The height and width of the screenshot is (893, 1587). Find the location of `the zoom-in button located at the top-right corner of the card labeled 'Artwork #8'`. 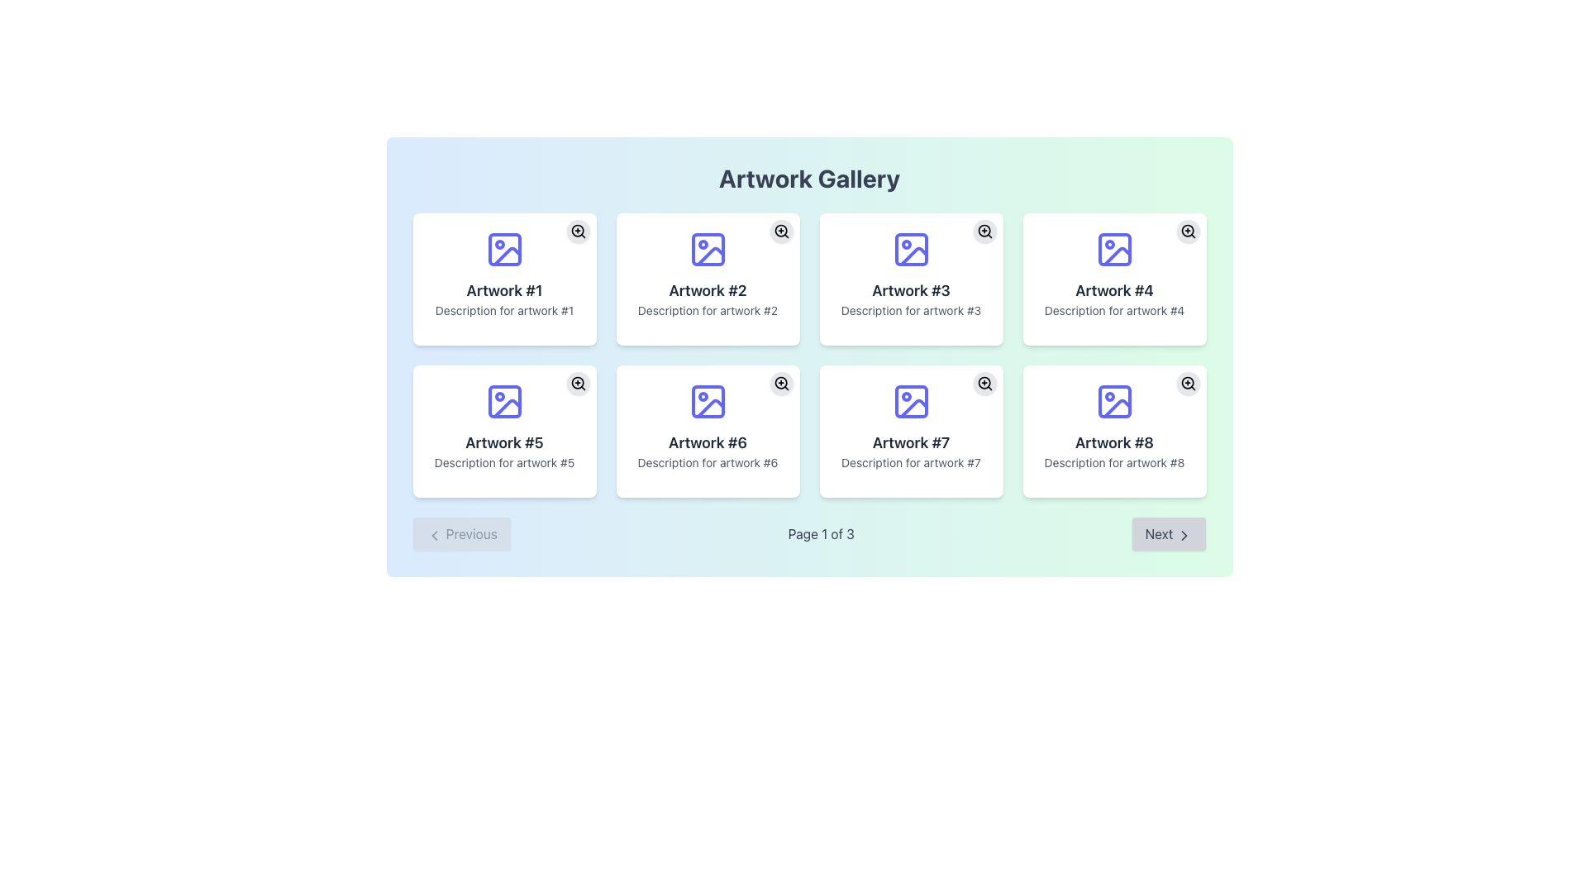

the zoom-in button located at the top-right corner of the card labeled 'Artwork #8' is located at coordinates (1187, 383).